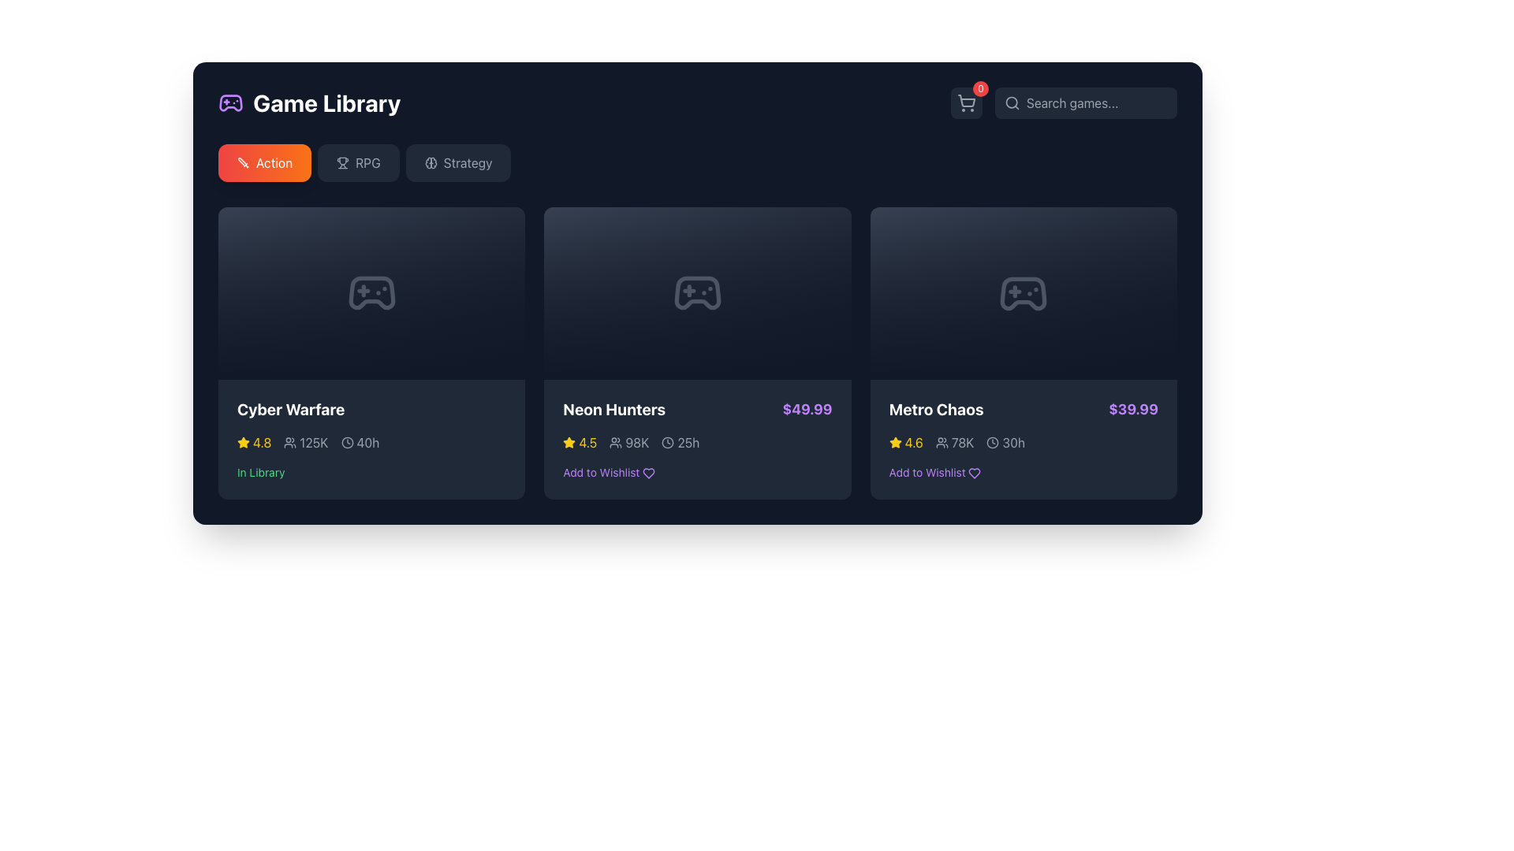 The width and height of the screenshot is (1514, 851). Describe the element at coordinates (1085, 103) in the screenshot. I see `the text input field located in the top-right corner of the interface, following the shopping cart icon` at that location.